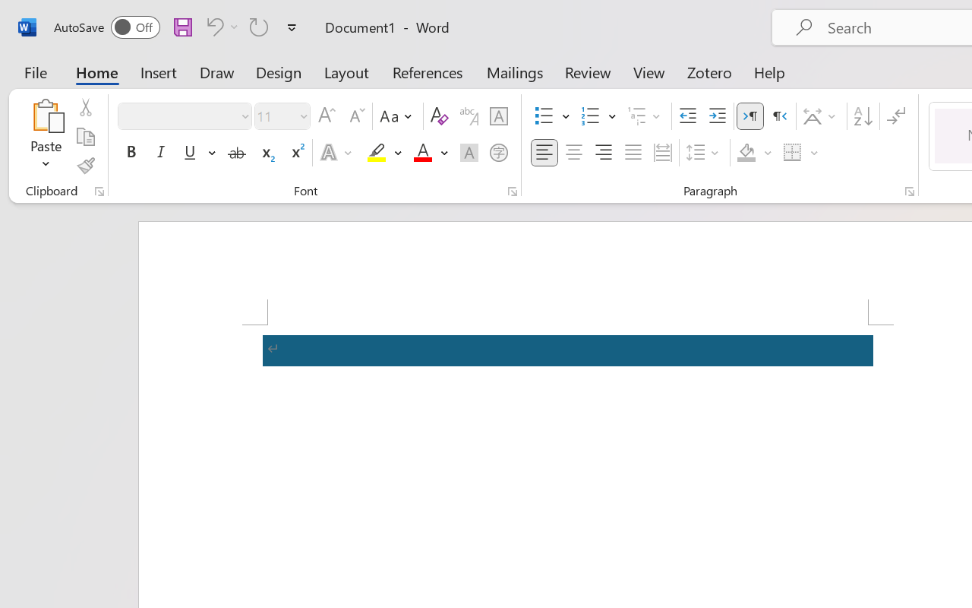  What do you see at coordinates (750, 116) in the screenshot?
I see `'Left-to-Right'` at bounding box center [750, 116].